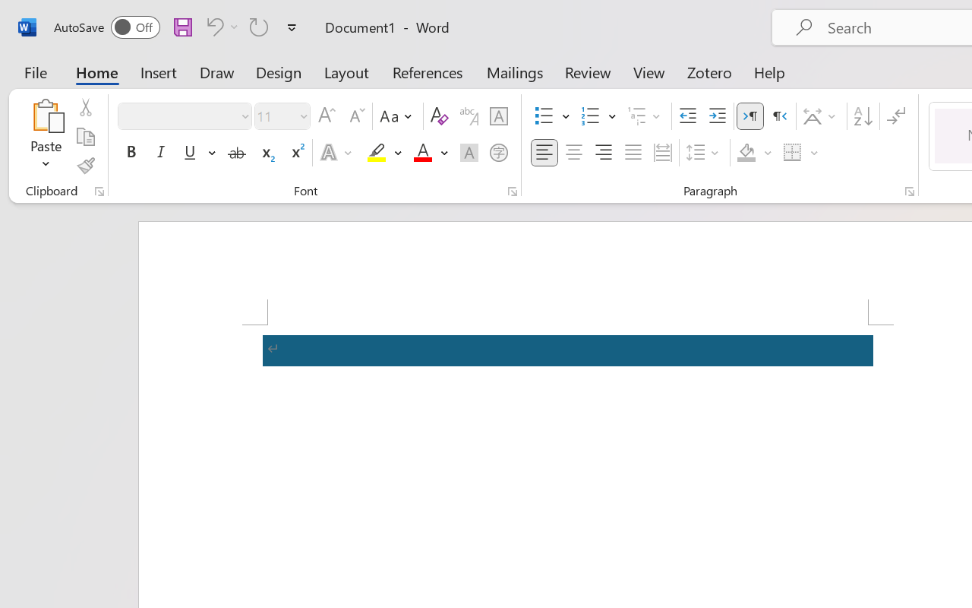  What do you see at coordinates (750, 116) in the screenshot?
I see `'Left-to-Right'` at bounding box center [750, 116].